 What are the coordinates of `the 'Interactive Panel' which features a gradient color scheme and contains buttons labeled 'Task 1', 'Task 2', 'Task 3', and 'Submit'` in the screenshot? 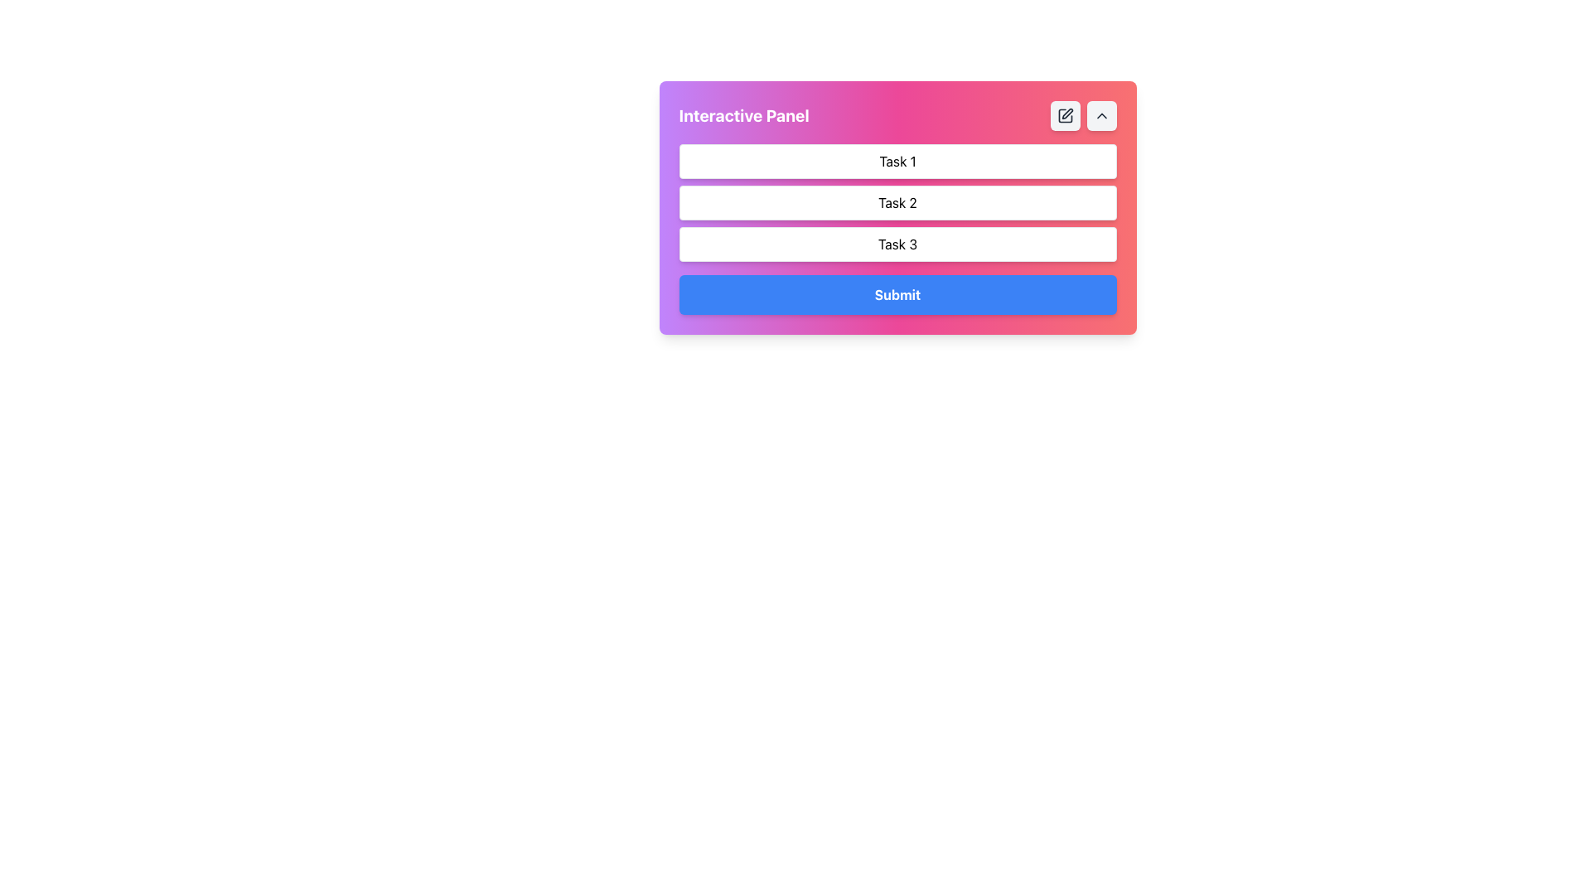 It's located at (897, 206).